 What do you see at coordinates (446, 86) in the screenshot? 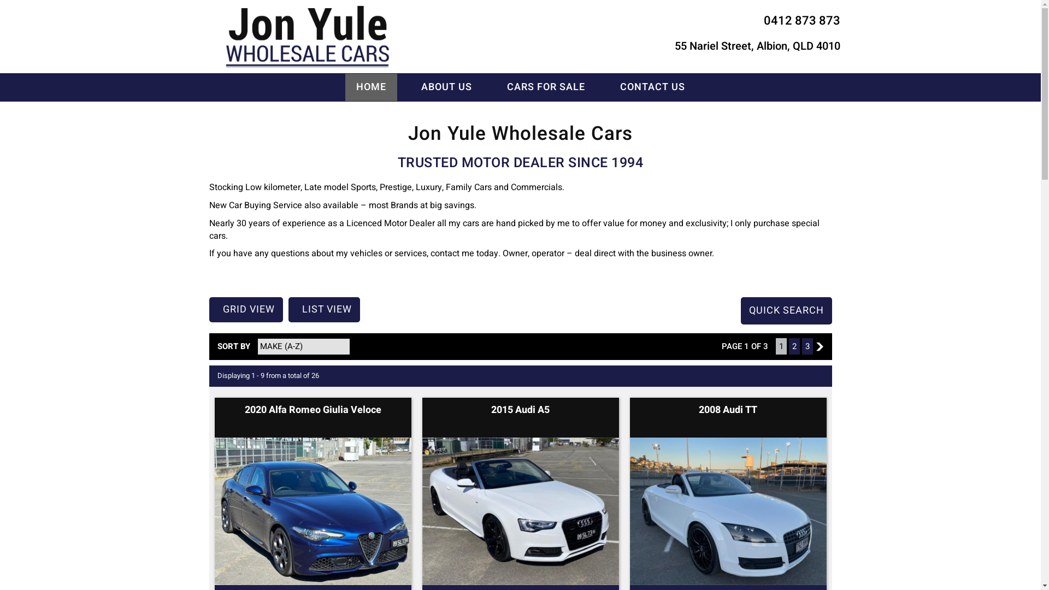
I see `'ABOUT US'` at bounding box center [446, 86].